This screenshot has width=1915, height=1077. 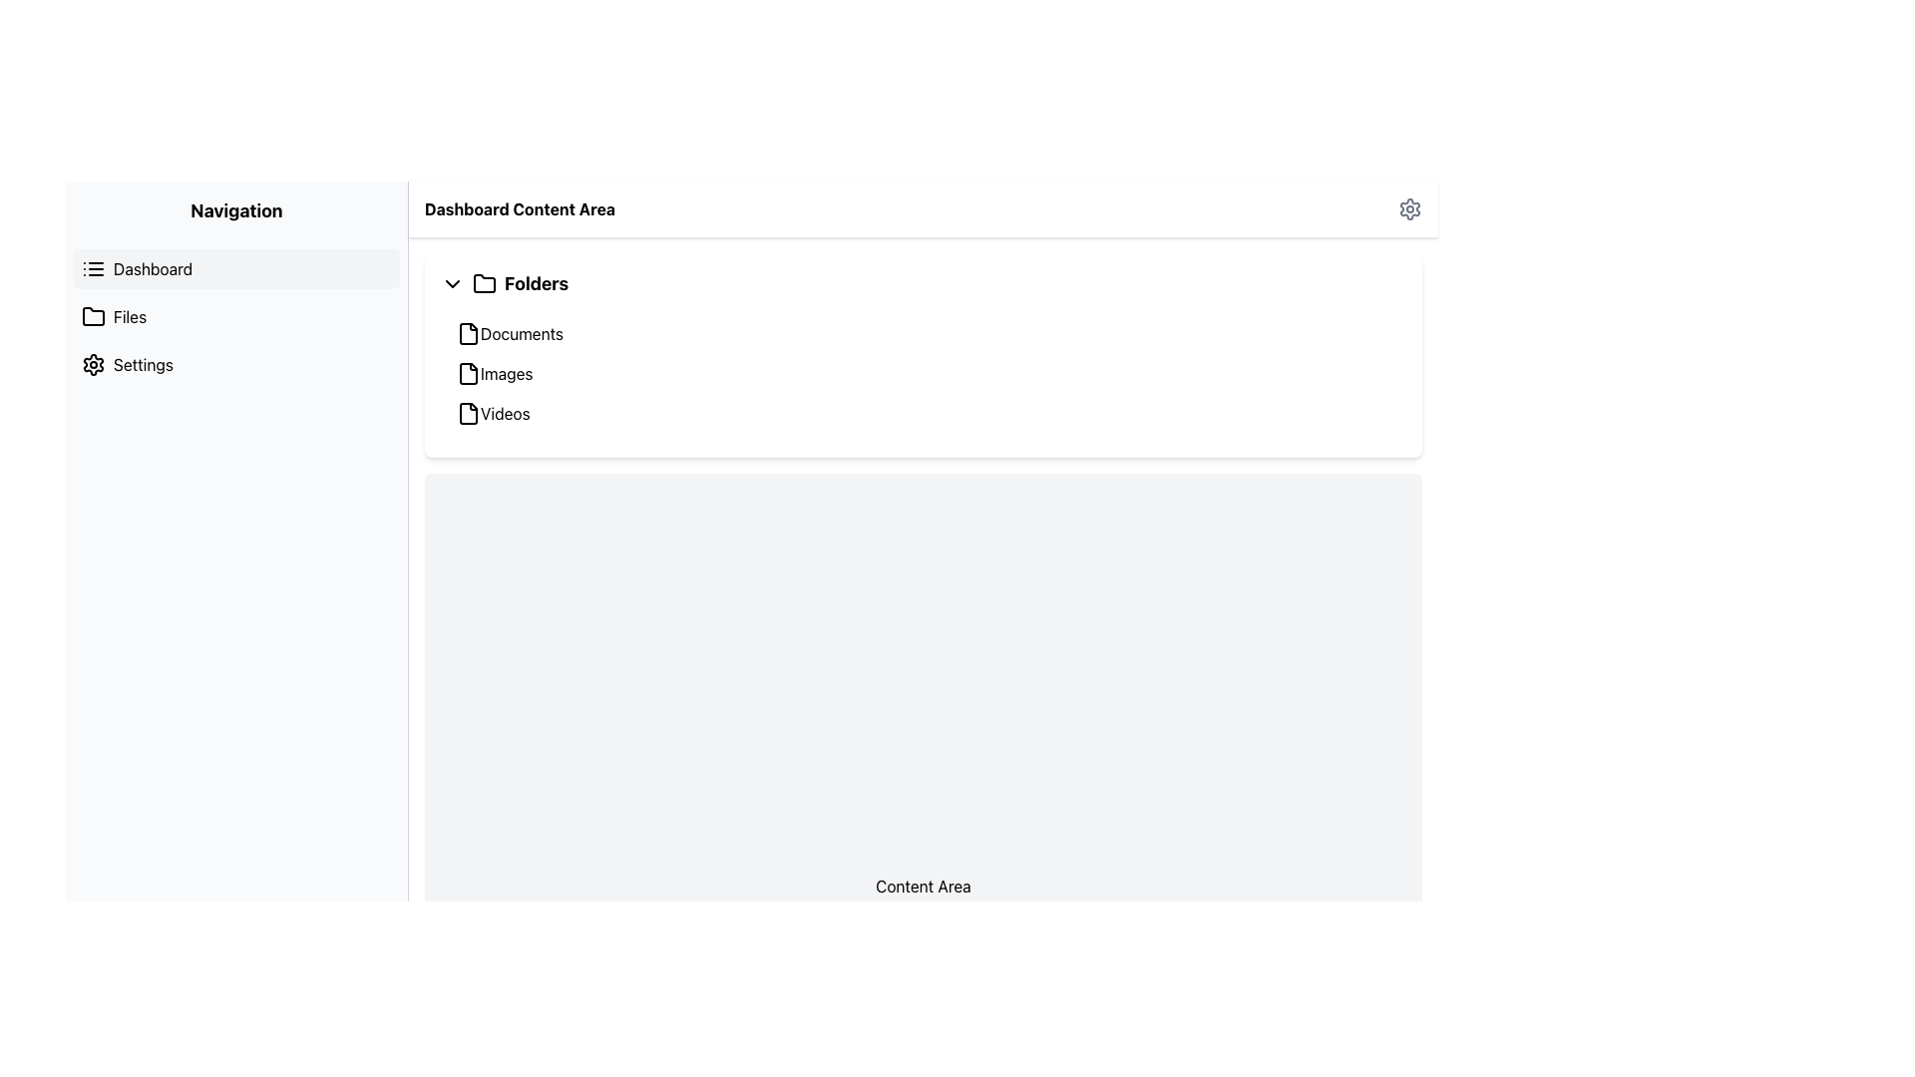 I want to click on the header text label in the navigation sidebar that indicates the purpose of the section, located at the top of the sidebar, directly above 'Dashboard', 'Files', and 'Settings', so click(x=236, y=211).